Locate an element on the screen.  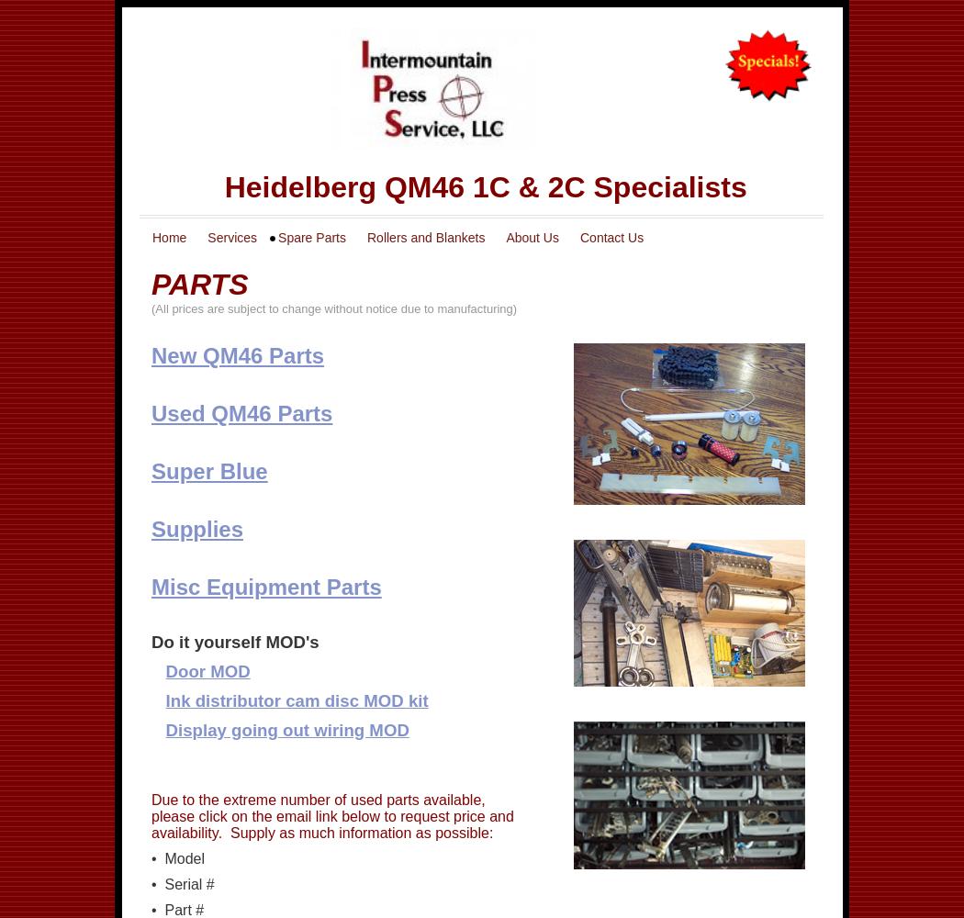
'parts' is located at coordinates (151, 284).